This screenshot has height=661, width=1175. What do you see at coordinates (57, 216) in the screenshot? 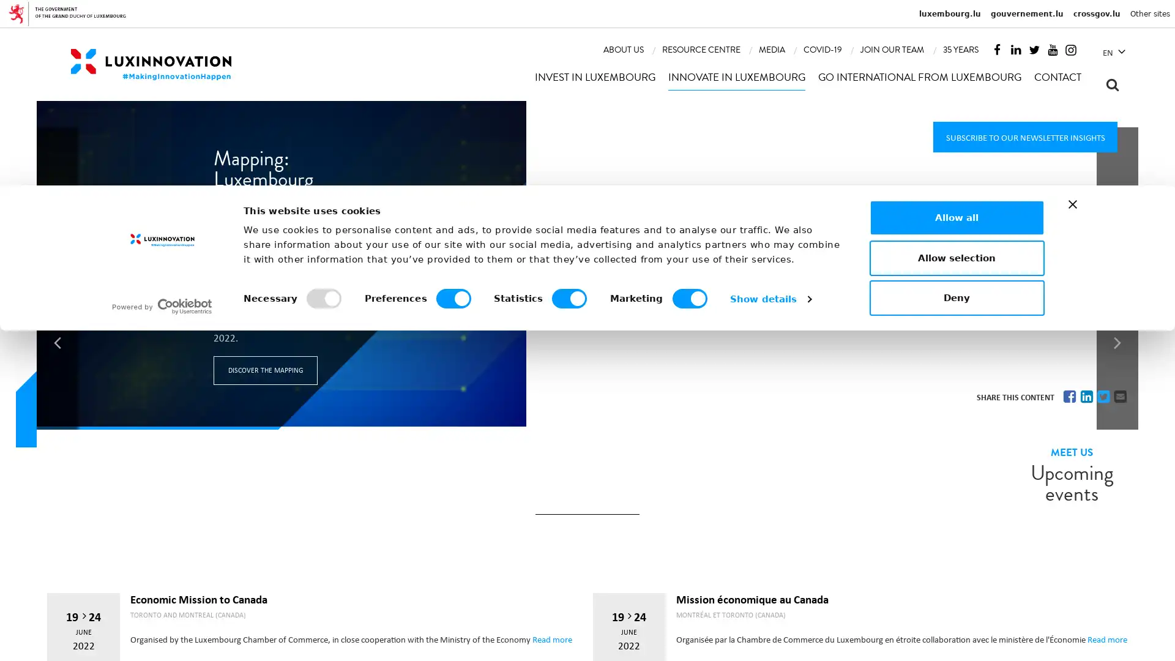
I see `Previous` at bounding box center [57, 216].